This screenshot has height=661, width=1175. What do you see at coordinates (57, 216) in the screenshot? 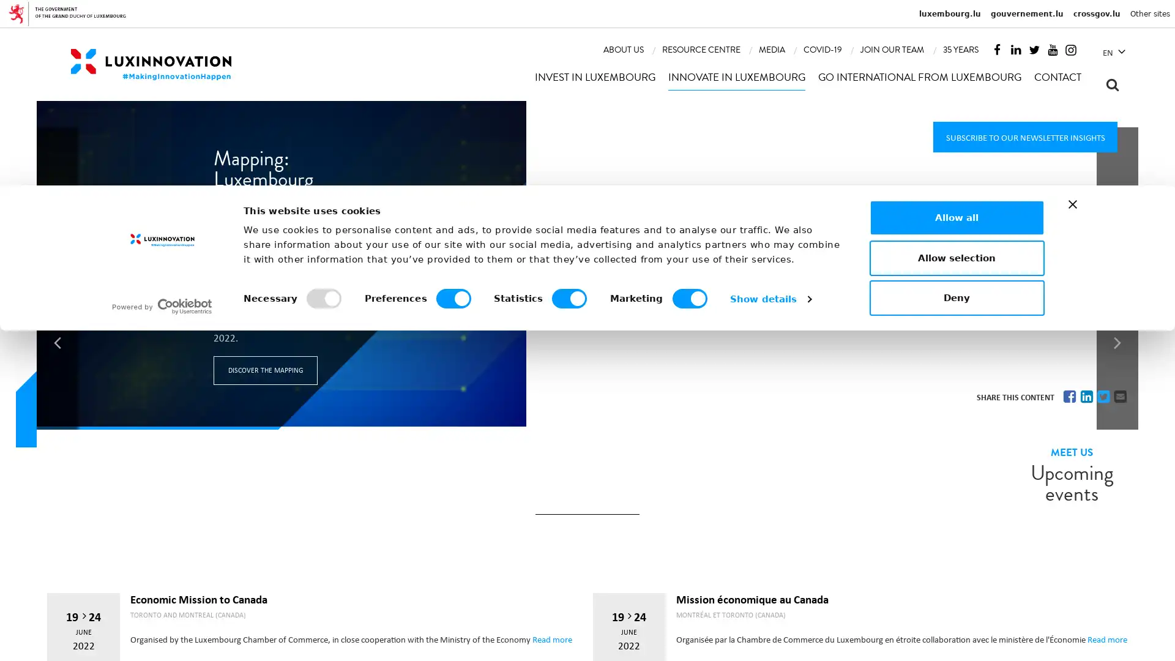
I see `Previous` at bounding box center [57, 216].